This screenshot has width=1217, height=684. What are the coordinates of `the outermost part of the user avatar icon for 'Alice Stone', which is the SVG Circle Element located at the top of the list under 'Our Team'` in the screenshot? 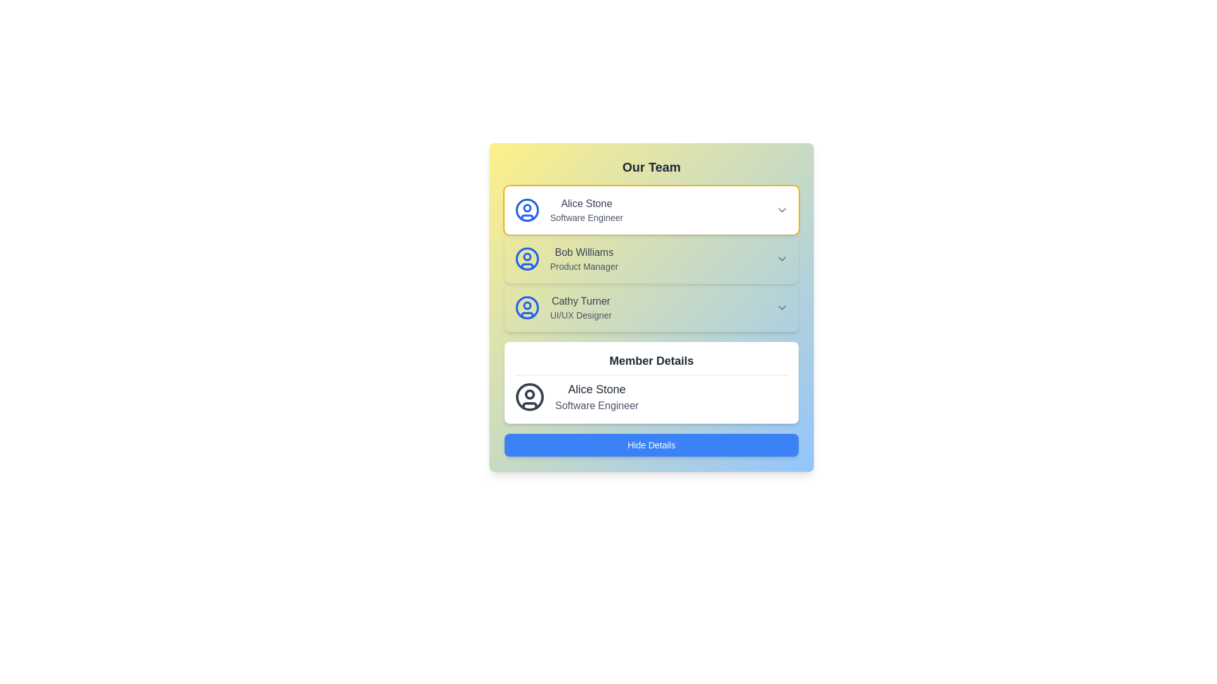 It's located at (527, 209).